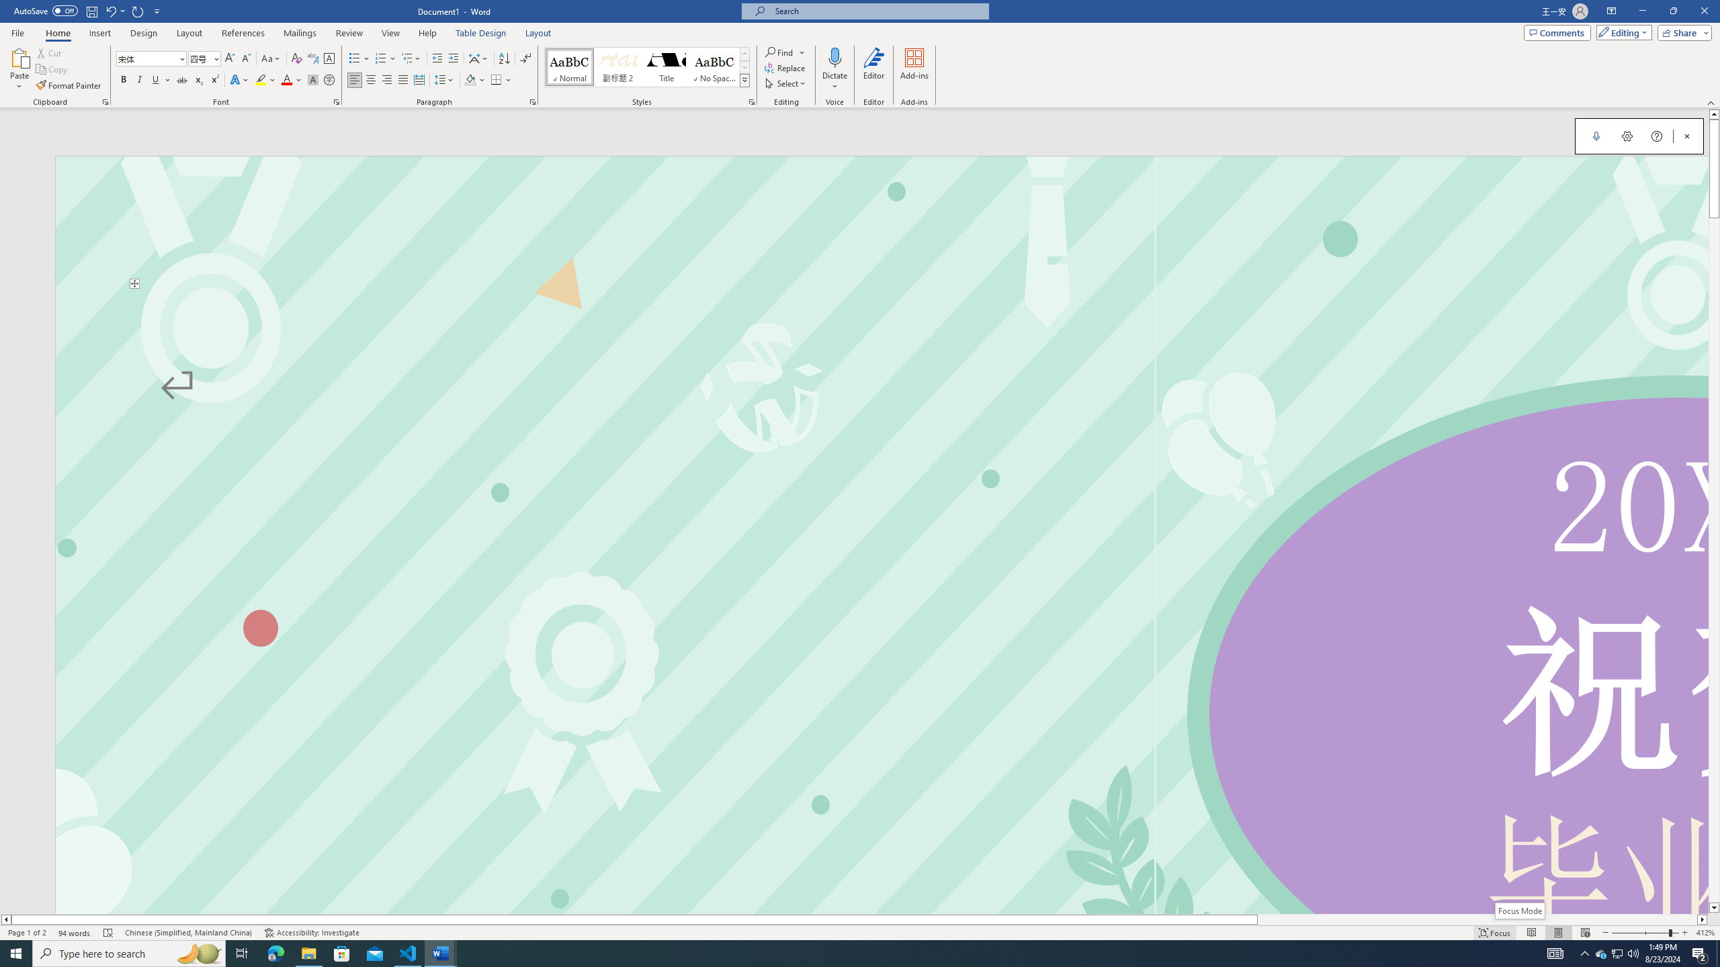  What do you see at coordinates (646, 66) in the screenshot?
I see `'AutomationID: QuickStylesGallery'` at bounding box center [646, 66].